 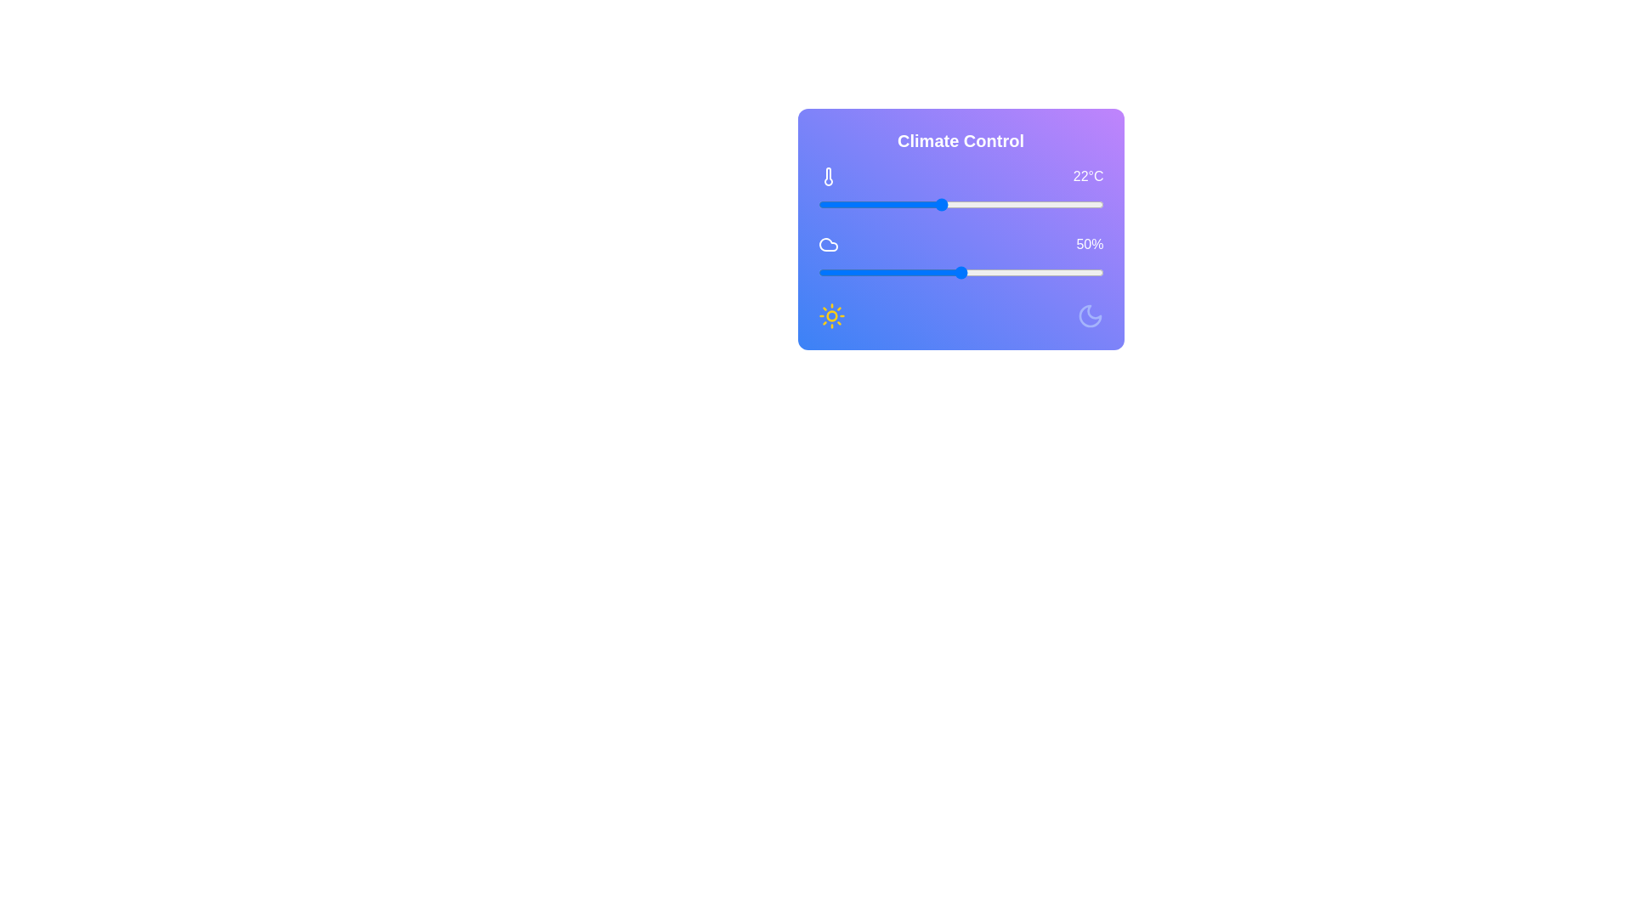 I want to click on the slider, so click(x=1050, y=271).